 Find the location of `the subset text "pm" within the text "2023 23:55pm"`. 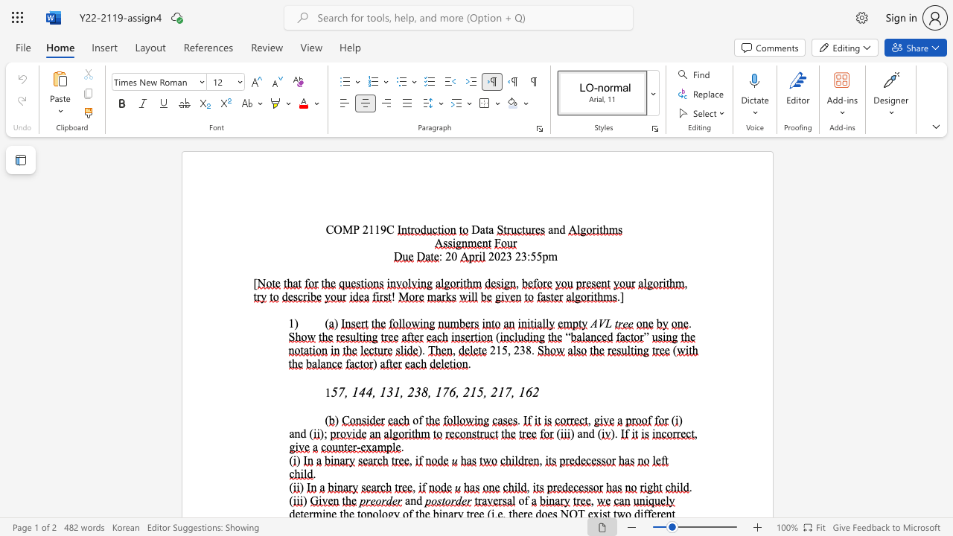

the subset text "pm" within the text "2023 23:55pm" is located at coordinates (541, 255).